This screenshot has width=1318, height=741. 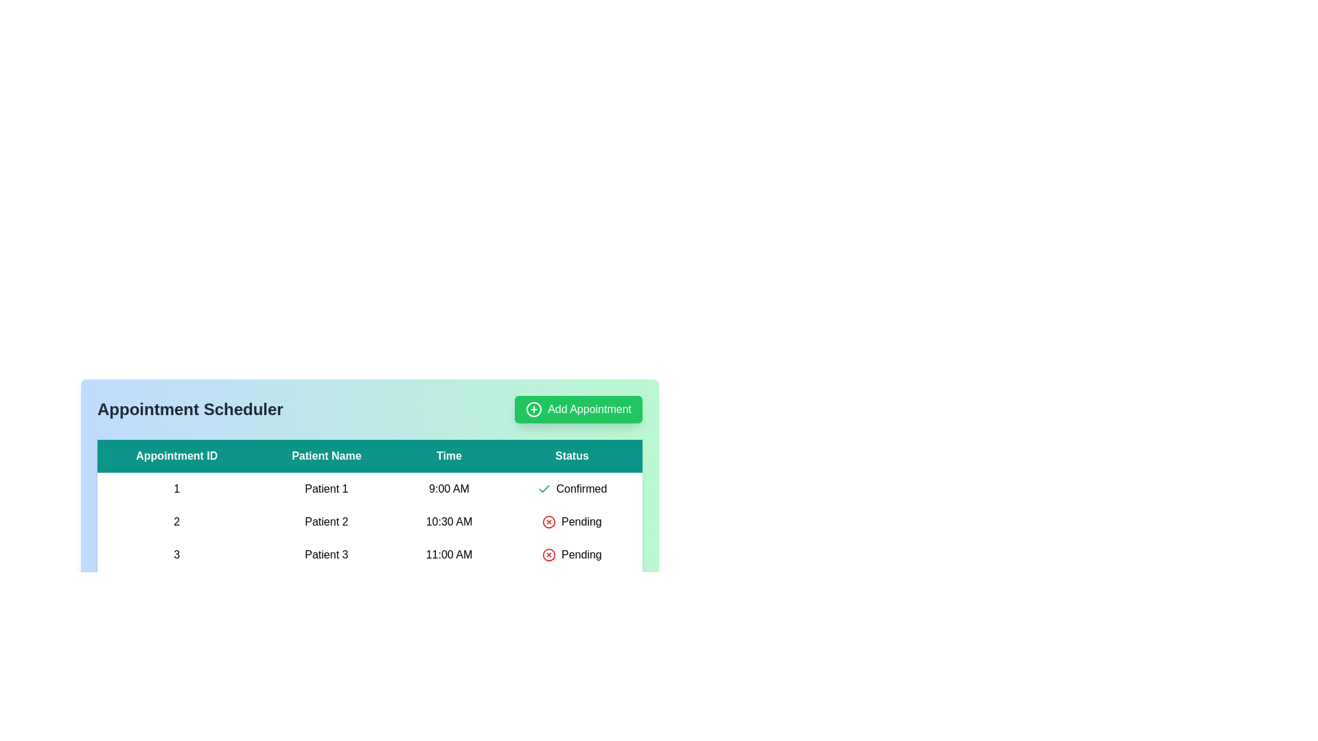 What do you see at coordinates (579, 409) in the screenshot?
I see `'Add Appointment' button` at bounding box center [579, 409].